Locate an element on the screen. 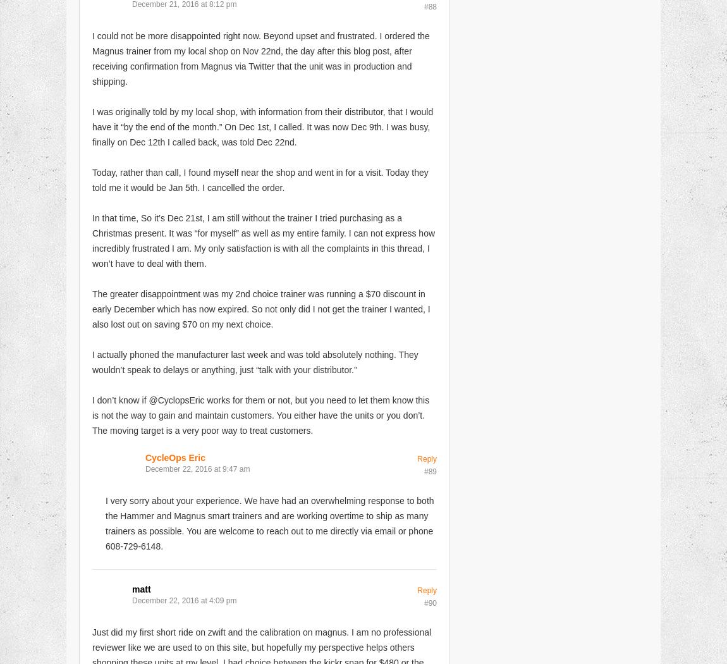 Image resolution: width=727 pixels, height=664 pixels. 'I was originally told by my local shop, with information from their distributor, that I would have it “by the end of the month.”  On Dec 1st, I called. It was now Dec 9th.  I was busy, finally on Dec 12th I called back, was told Dec 22nd.' is located at coordinates (262, 126).